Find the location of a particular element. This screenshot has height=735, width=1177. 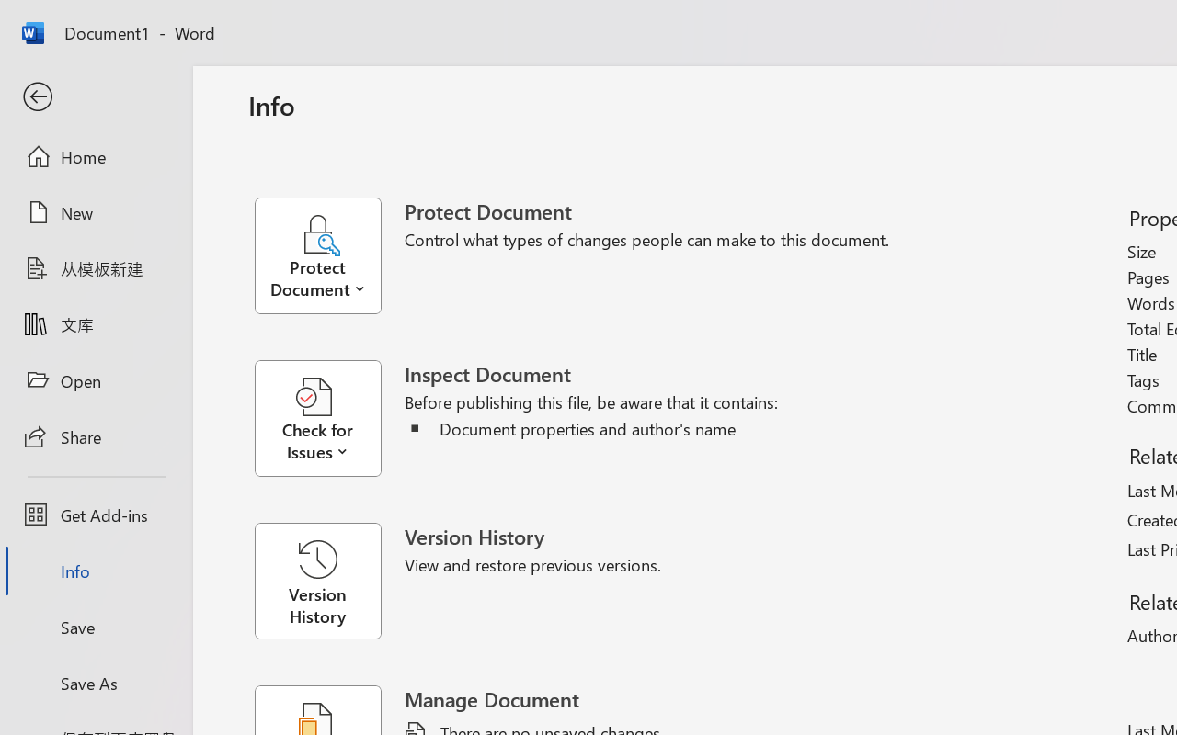

'Check for Issues' is located at coordinates (329, 417).